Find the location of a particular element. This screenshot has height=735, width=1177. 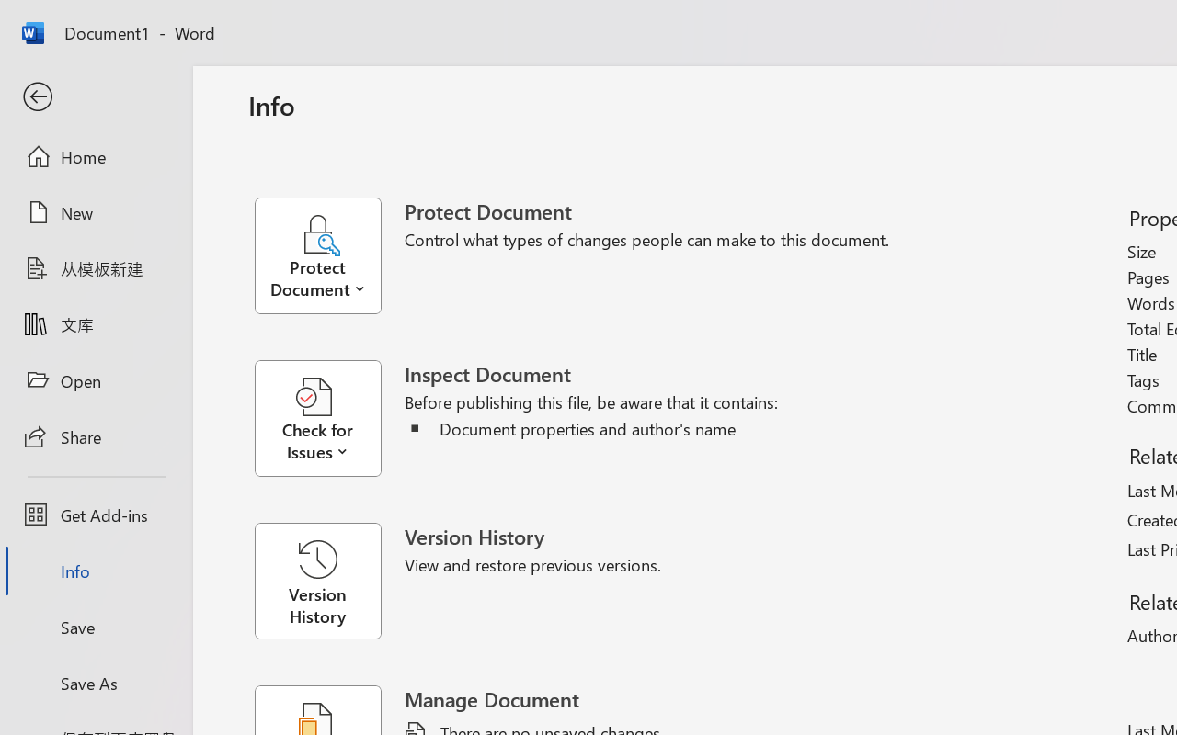

'Check for Issues' is located at coordinates (329, 417).